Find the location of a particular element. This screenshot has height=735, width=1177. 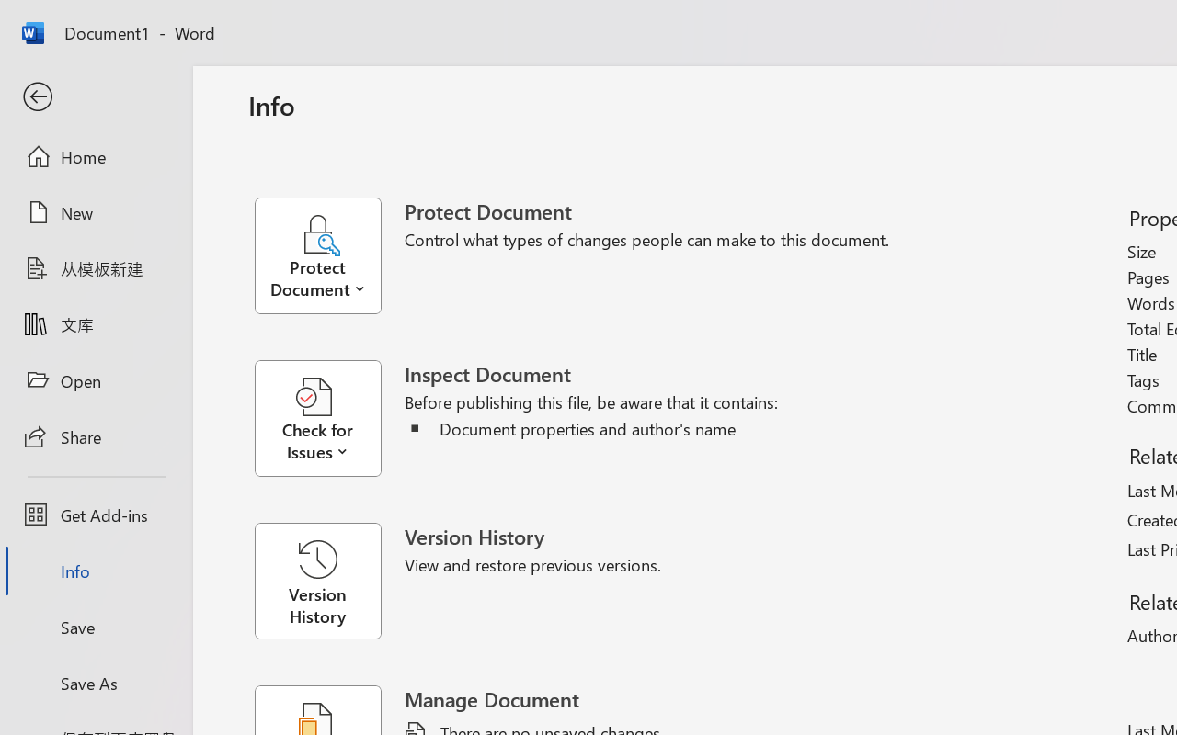

'Check for Issues' is located at coordinates (329, 417).